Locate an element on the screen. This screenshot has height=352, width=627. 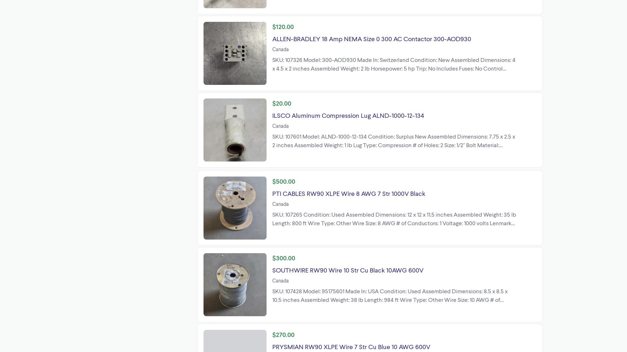
'$300.00' is located at coordinates (283, 257).